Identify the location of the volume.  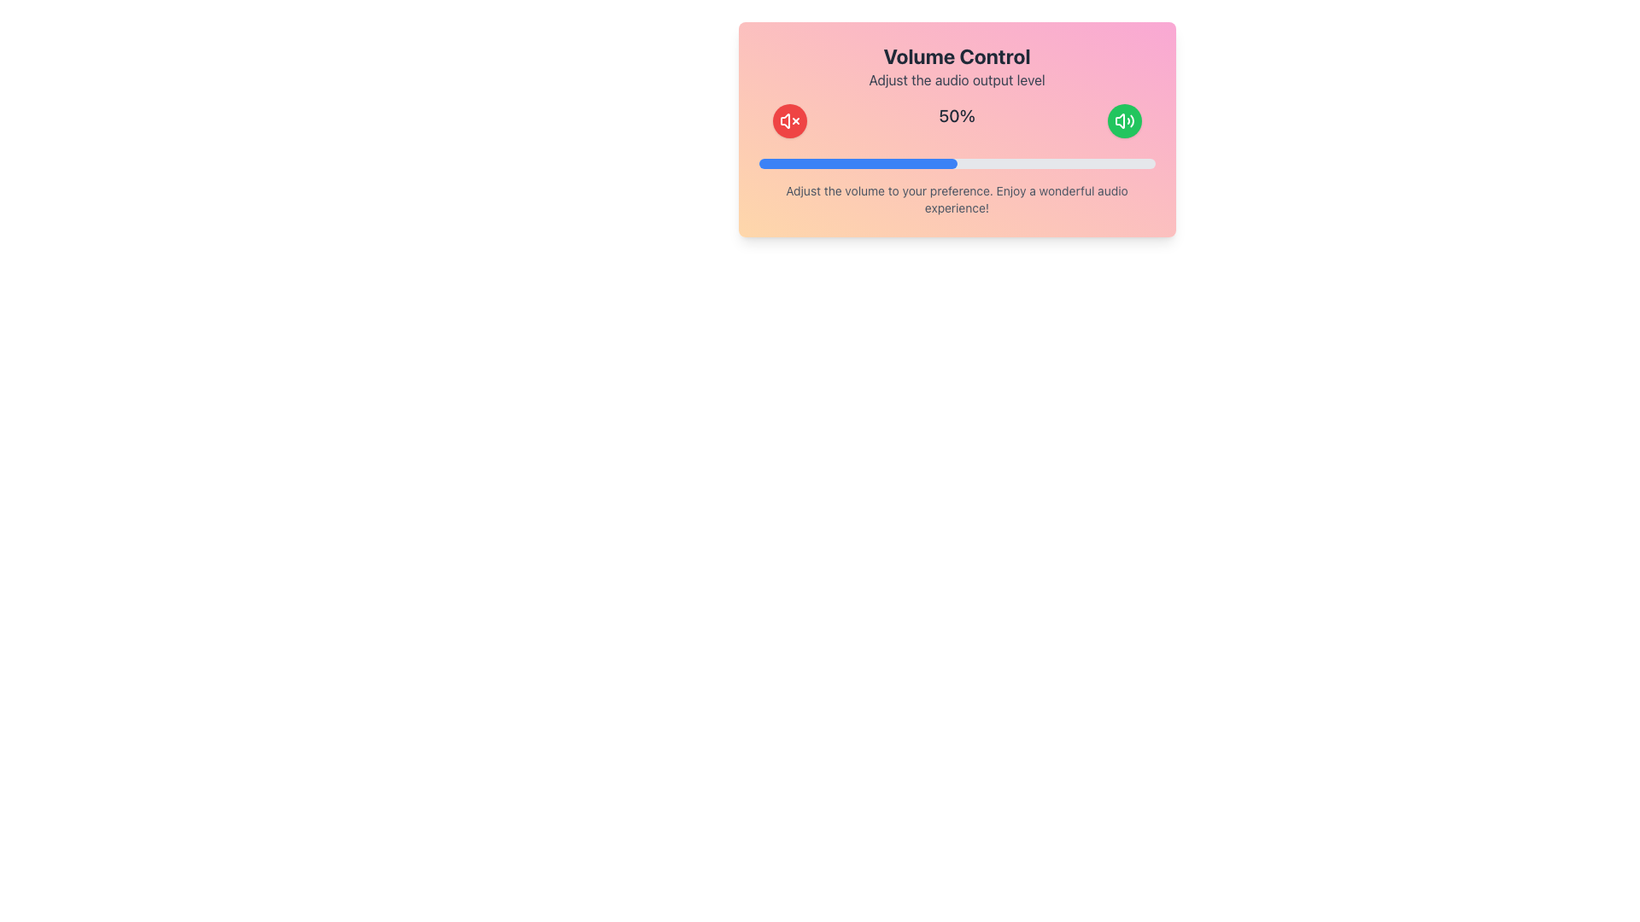
(1099, 164).